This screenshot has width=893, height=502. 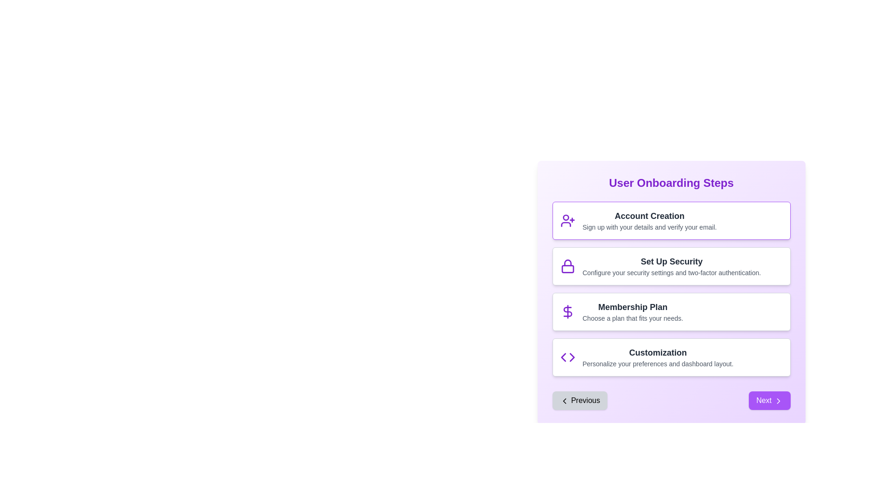 What do you see at coordinates (778, 400) in the screenshot?
I see `the graphical icon indicating forward movement located to the right of the 'Next' button in the user onboarding interface` at bounding box center [778, 400].